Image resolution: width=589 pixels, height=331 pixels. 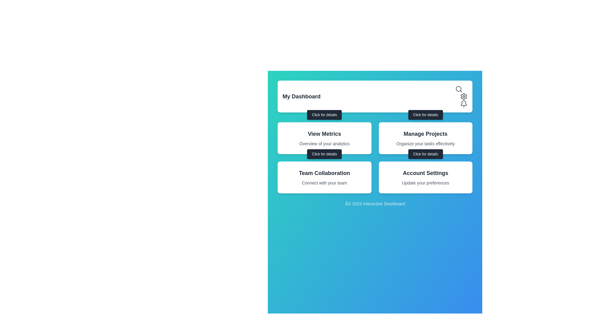 What do you see at coordinates (425, 177) in the screenshot?
I see `the 'Account Settings' informational tile that displays a title and subtitle for accessibility navigation` at bounding box center [425, 177].